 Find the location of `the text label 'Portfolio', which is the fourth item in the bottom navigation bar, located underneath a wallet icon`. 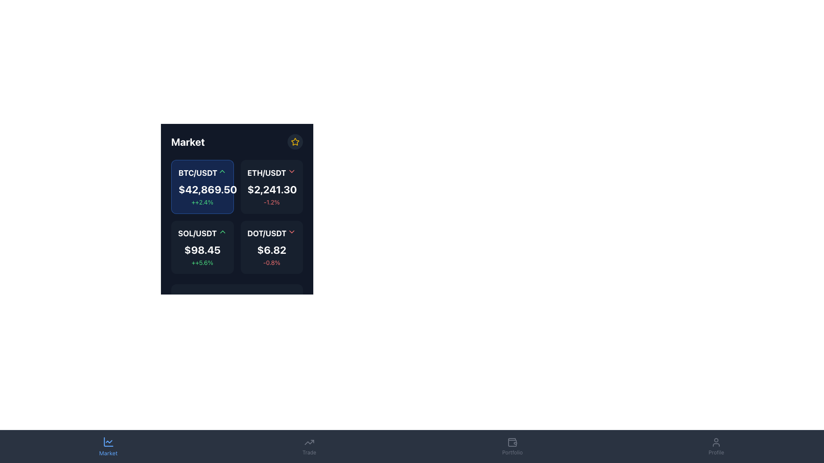

the text label 'Portfolio', which is the fourth item in the bottom navigation bar, located underneath a wallet icon is located at coordinates (512, 452).